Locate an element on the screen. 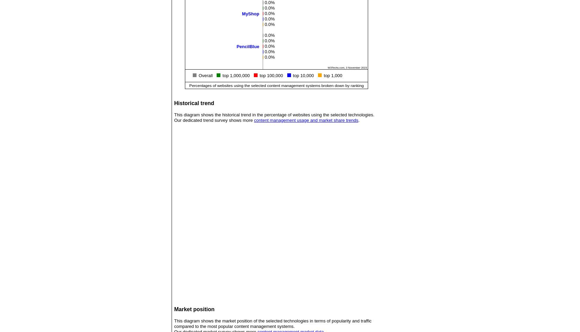 The image size is (580, 332). 'Percentages of websites using the selected content management systems broken down by ranking' is located at coordinates (276, 85).